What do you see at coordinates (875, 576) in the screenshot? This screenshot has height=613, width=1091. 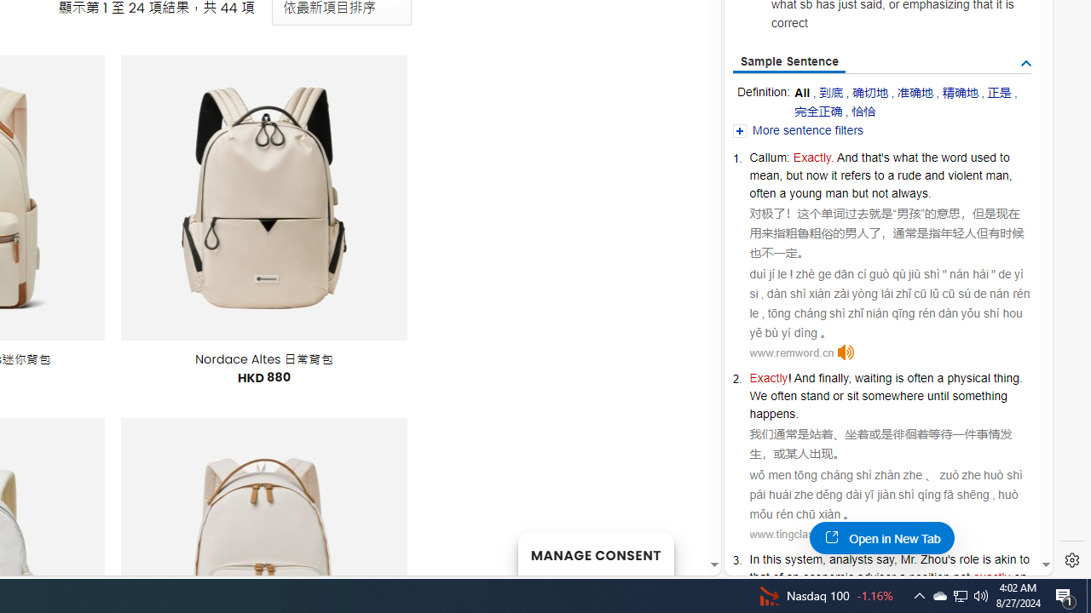 I see `'adviser'` at bounding box center [875, 576].